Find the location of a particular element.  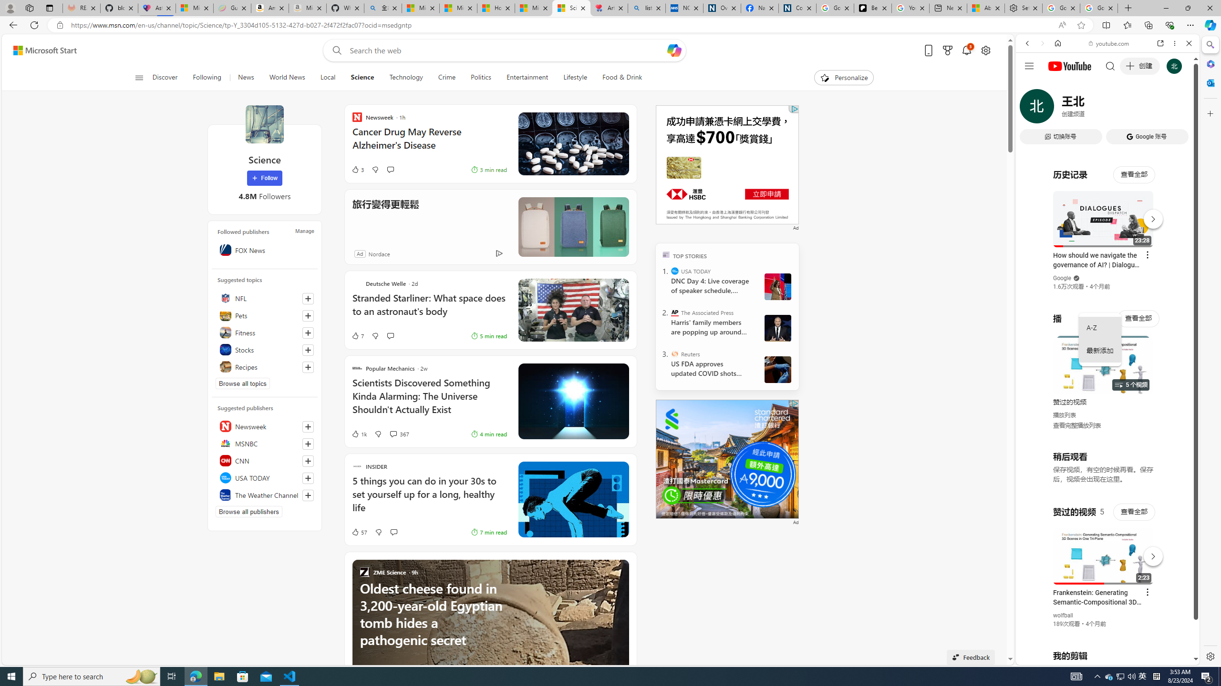

'Class: button-glyph' is located at coordinates (138, 77).